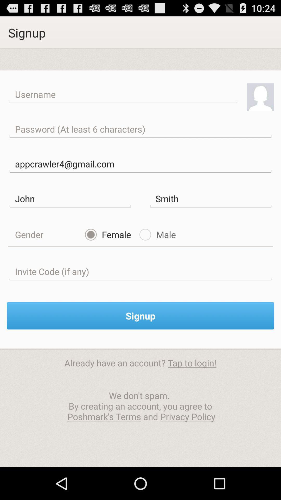  Describe the element at coordinates (123, 95) in the screenshot. I see `your username here` at that location.